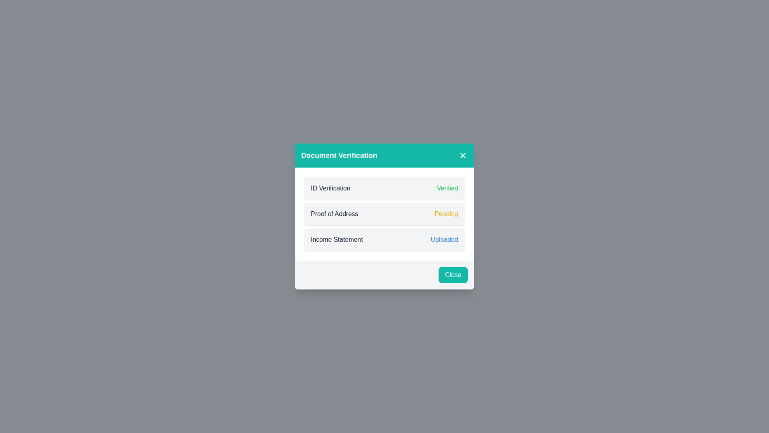  Describe the element at coordinates (384, 188) in the screenshot. I see `the Status display row which shows 'ID Verification' on the left and 'Verified' on the right, located within a card, above 'Proof of Address' and 'Income Statement'` at that location.